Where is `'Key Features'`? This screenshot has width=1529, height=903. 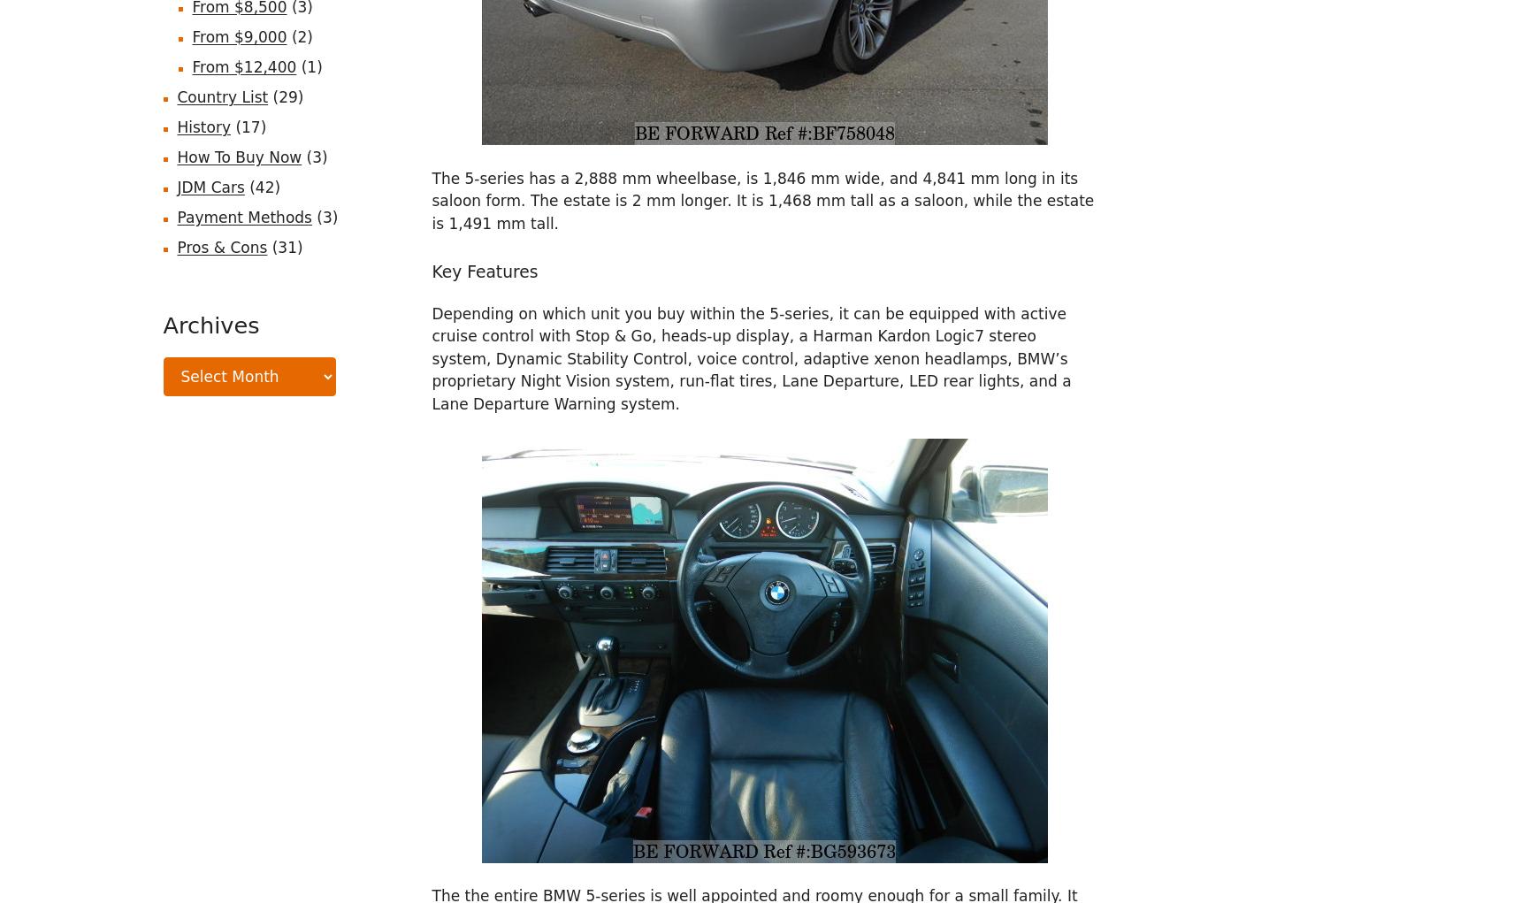 'Key Features' is located at coordinates (484, 271).